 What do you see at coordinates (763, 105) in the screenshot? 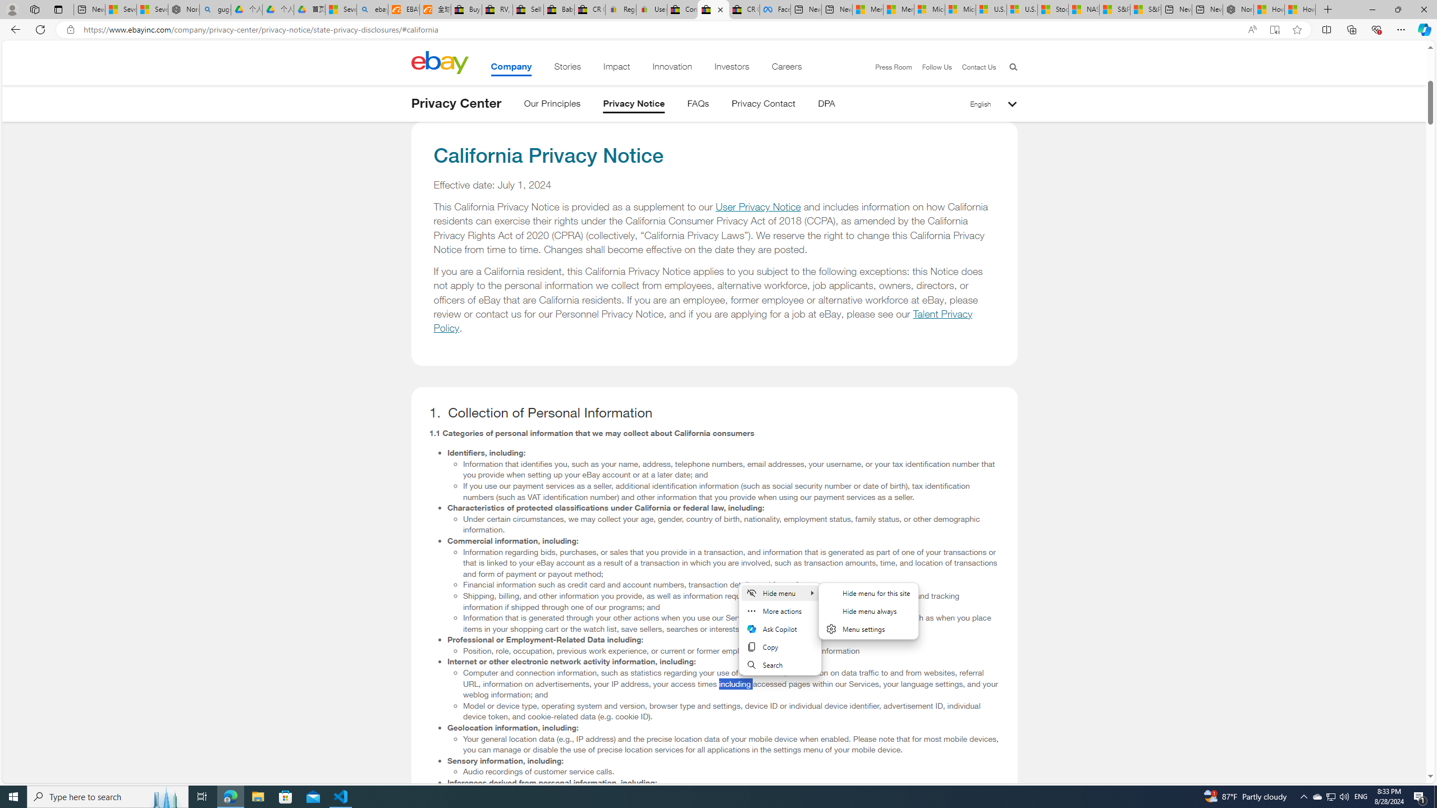
I see `'Privacy Contact'` at bounding box center [763, 105].